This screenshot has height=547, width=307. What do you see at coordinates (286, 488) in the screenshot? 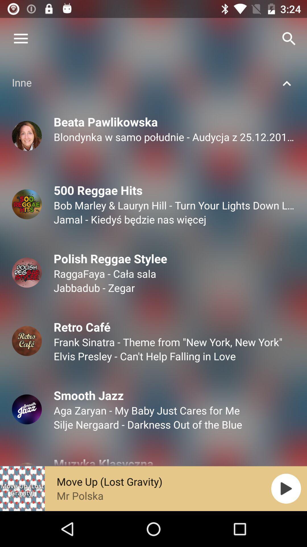
I see `the play icon` at bounding box center [286, 488].